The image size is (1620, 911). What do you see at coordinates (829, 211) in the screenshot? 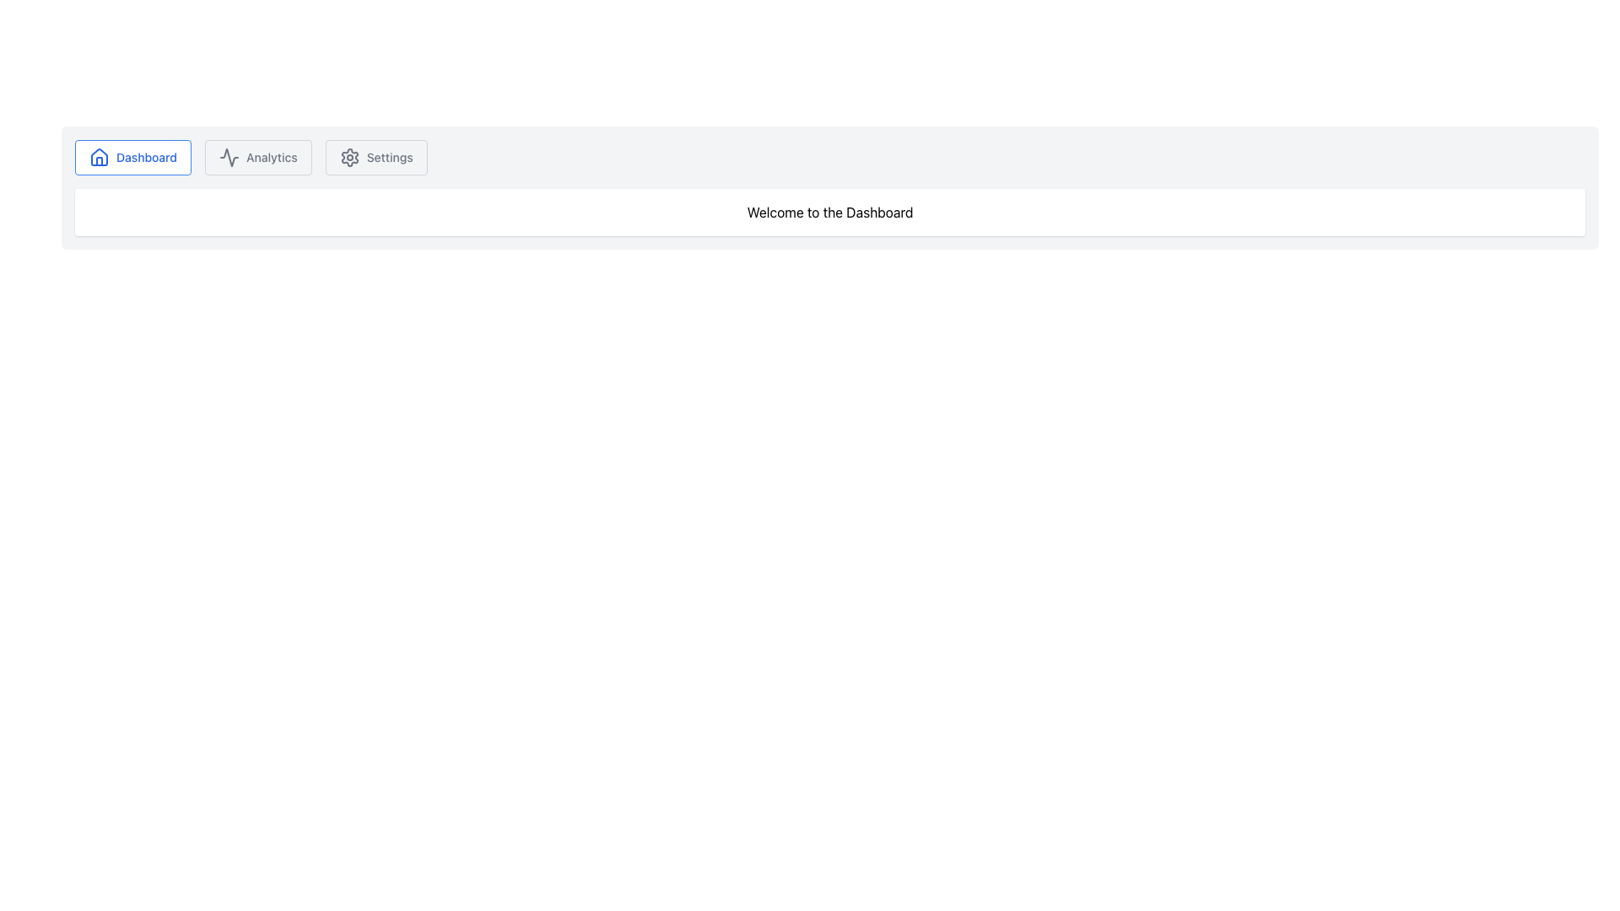
I see `welcoming text label located centrally below the top menu bar in the dashboard interface` at bounding box center [829, 211].